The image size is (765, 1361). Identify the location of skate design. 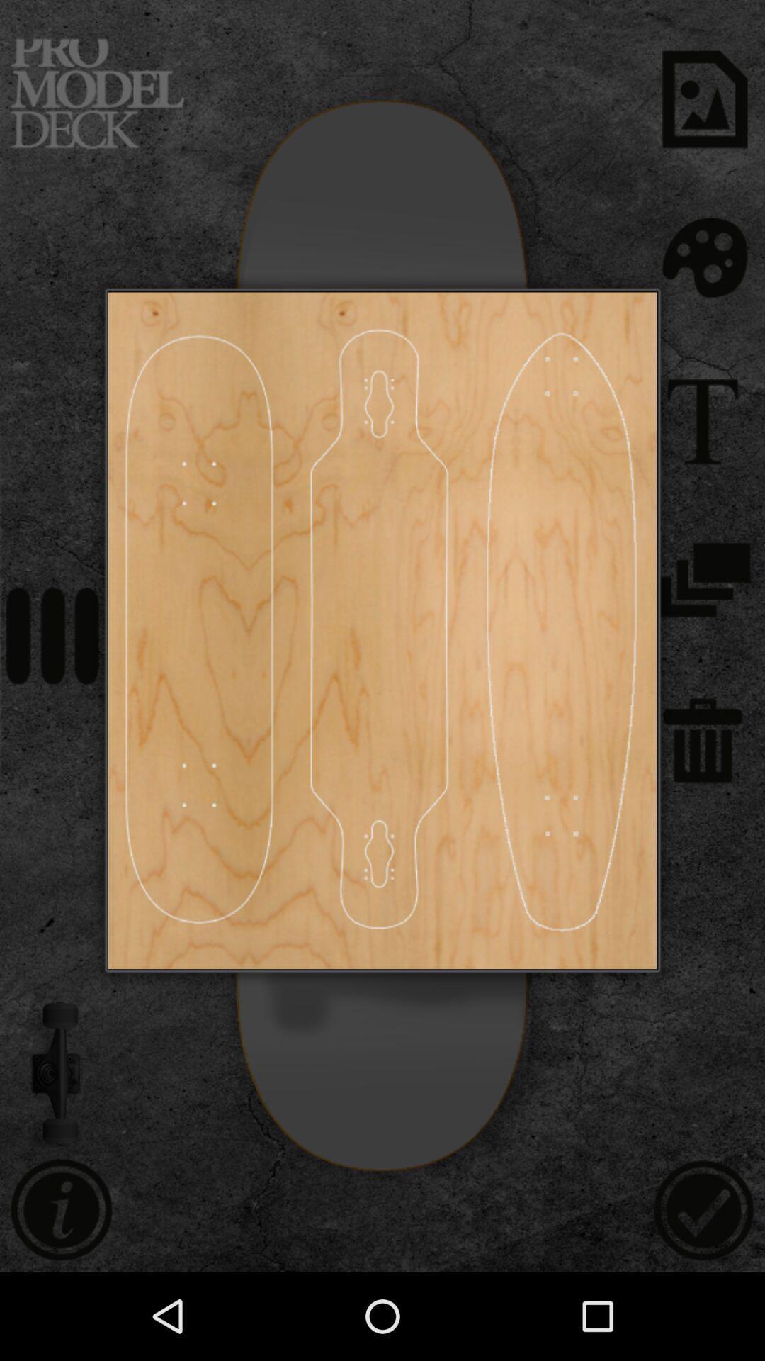
(560, 629).